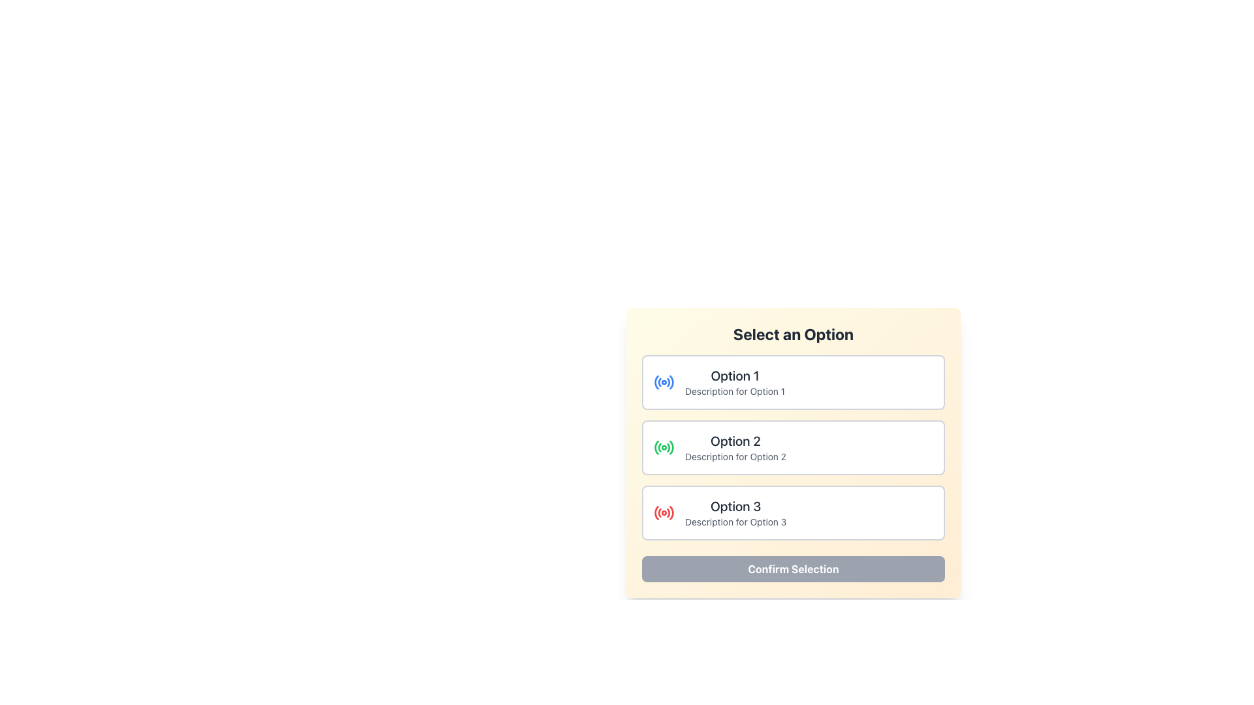  Describe the element at coordinates (735, 391) in the screenshot. I see `the text label that provides additional descriptive details about 'Option 1', located directly beneath it in the first selectable option card` at that location.